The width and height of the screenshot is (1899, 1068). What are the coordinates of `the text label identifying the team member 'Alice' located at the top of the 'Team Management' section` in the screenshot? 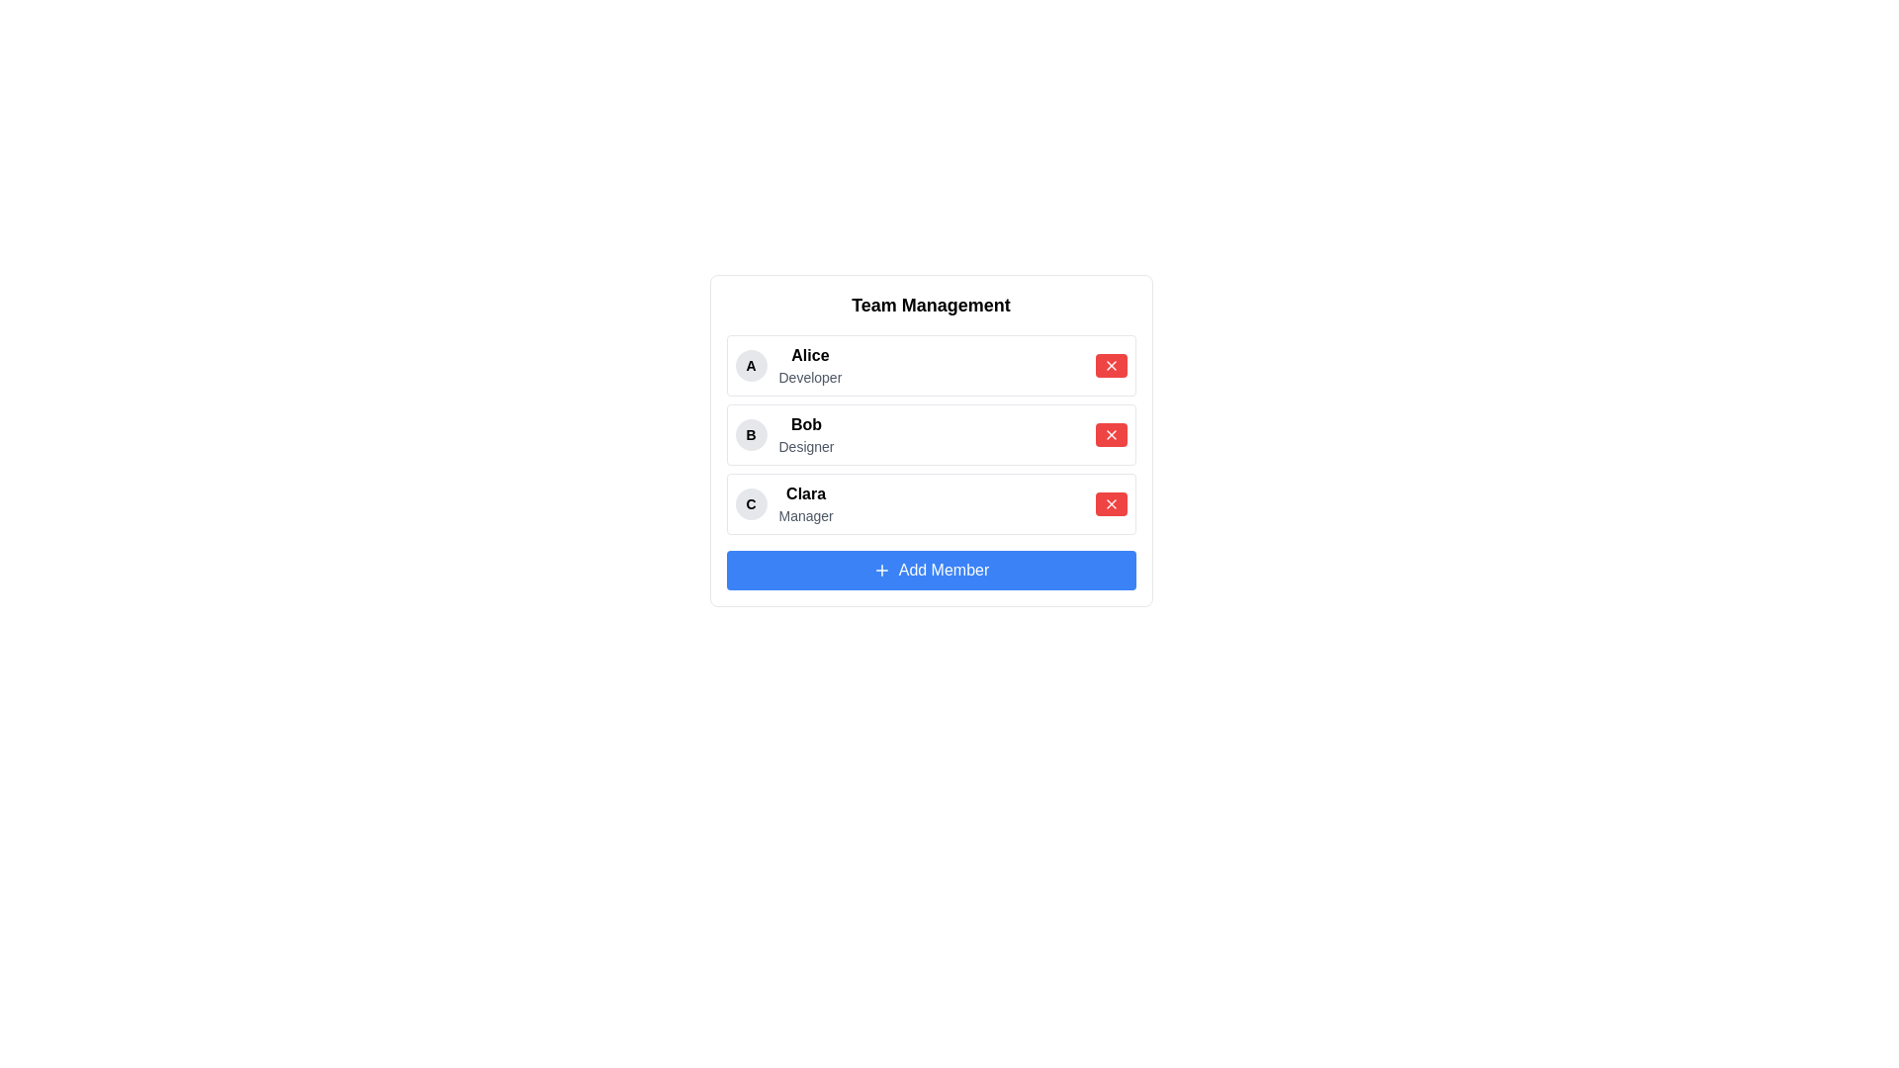 It's located at (810, 354).